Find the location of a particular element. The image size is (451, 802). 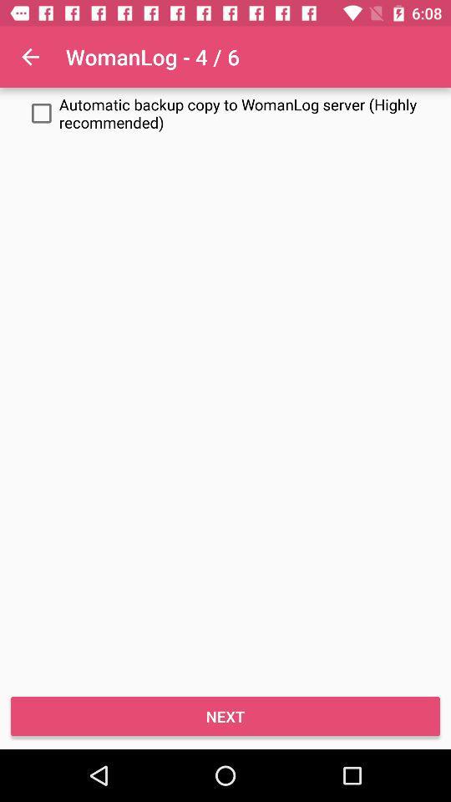

the item above the next icon is located at coordinates (225, 112).